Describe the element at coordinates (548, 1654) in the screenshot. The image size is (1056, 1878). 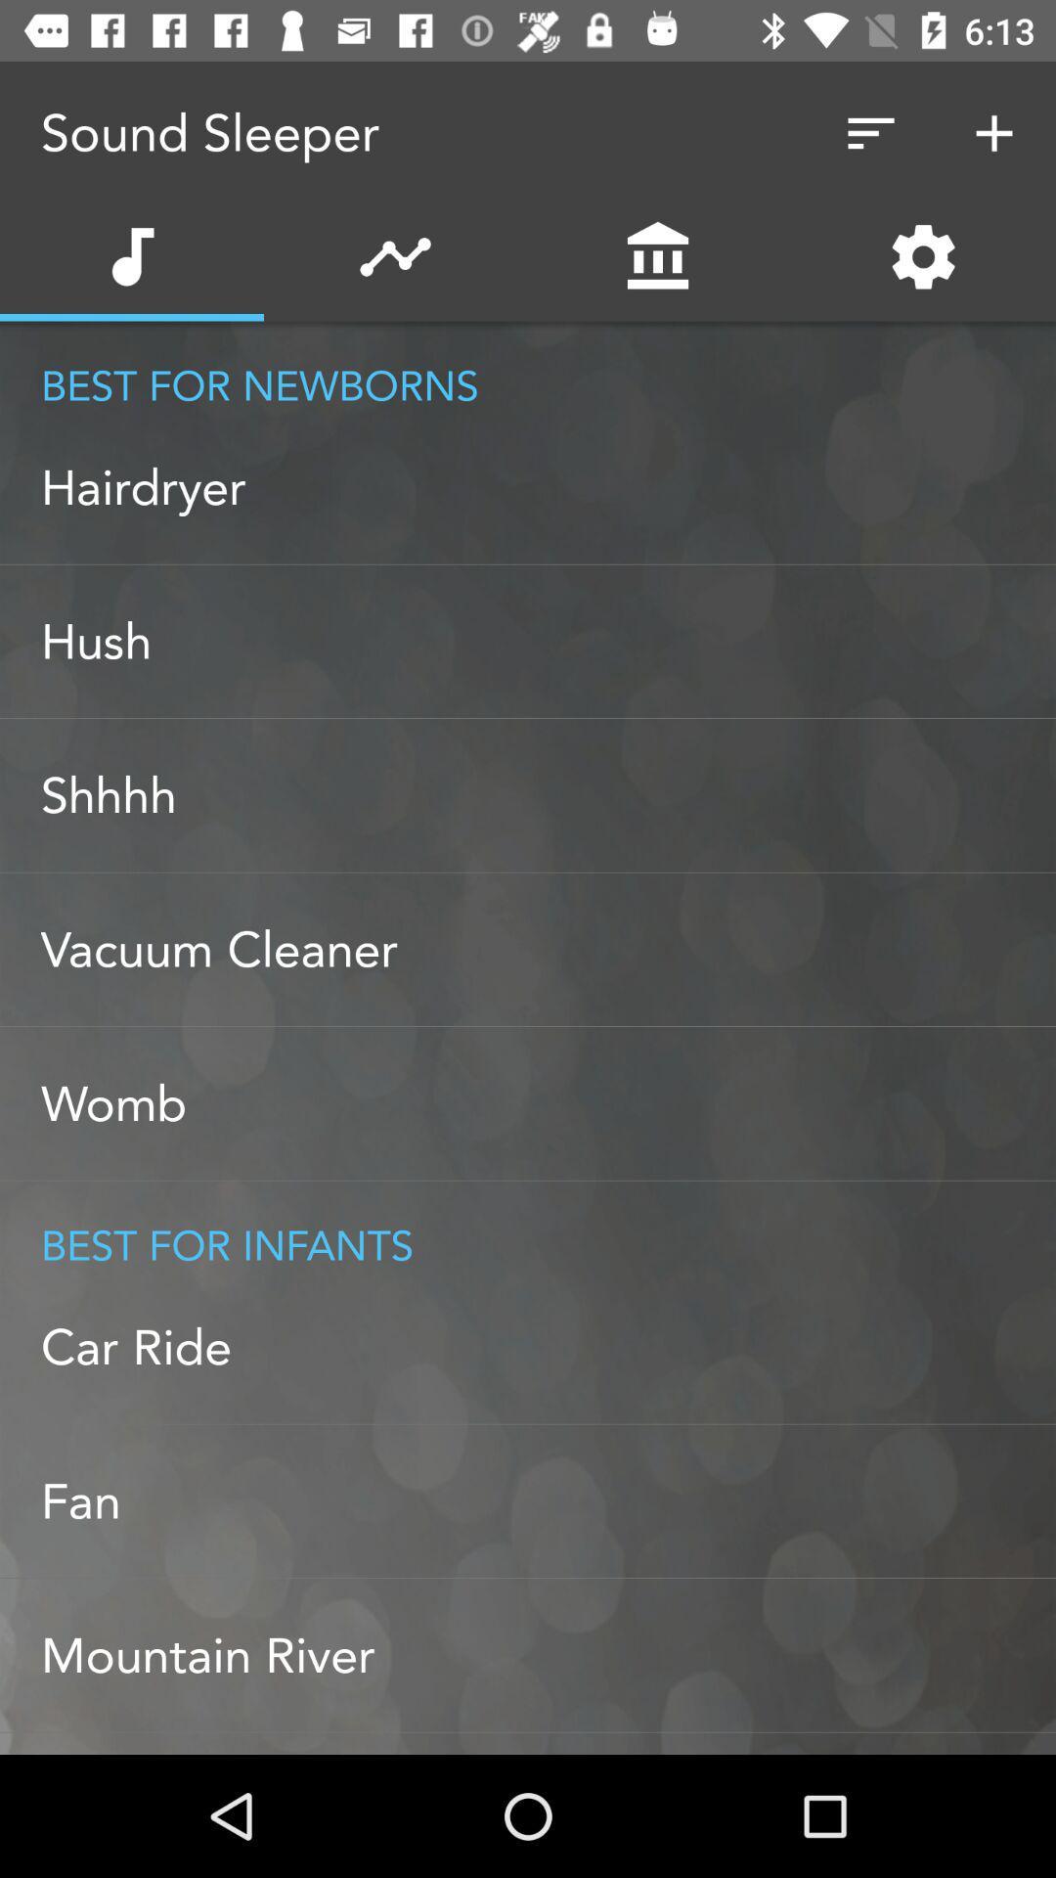
I see `mountain river` at that location.